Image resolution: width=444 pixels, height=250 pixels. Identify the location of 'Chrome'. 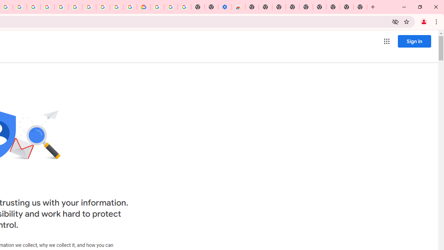
(437, 21).